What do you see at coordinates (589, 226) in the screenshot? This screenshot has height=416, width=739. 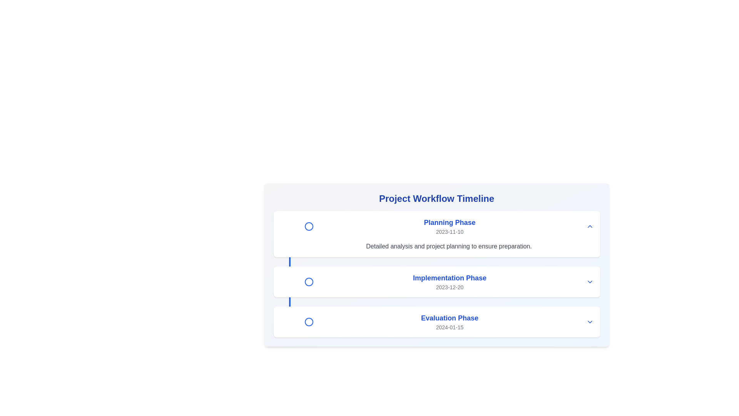 I see `the interactive chevron icon in the top-right corner of the 'Planning Phase' section` at bounding box center [589, 226].